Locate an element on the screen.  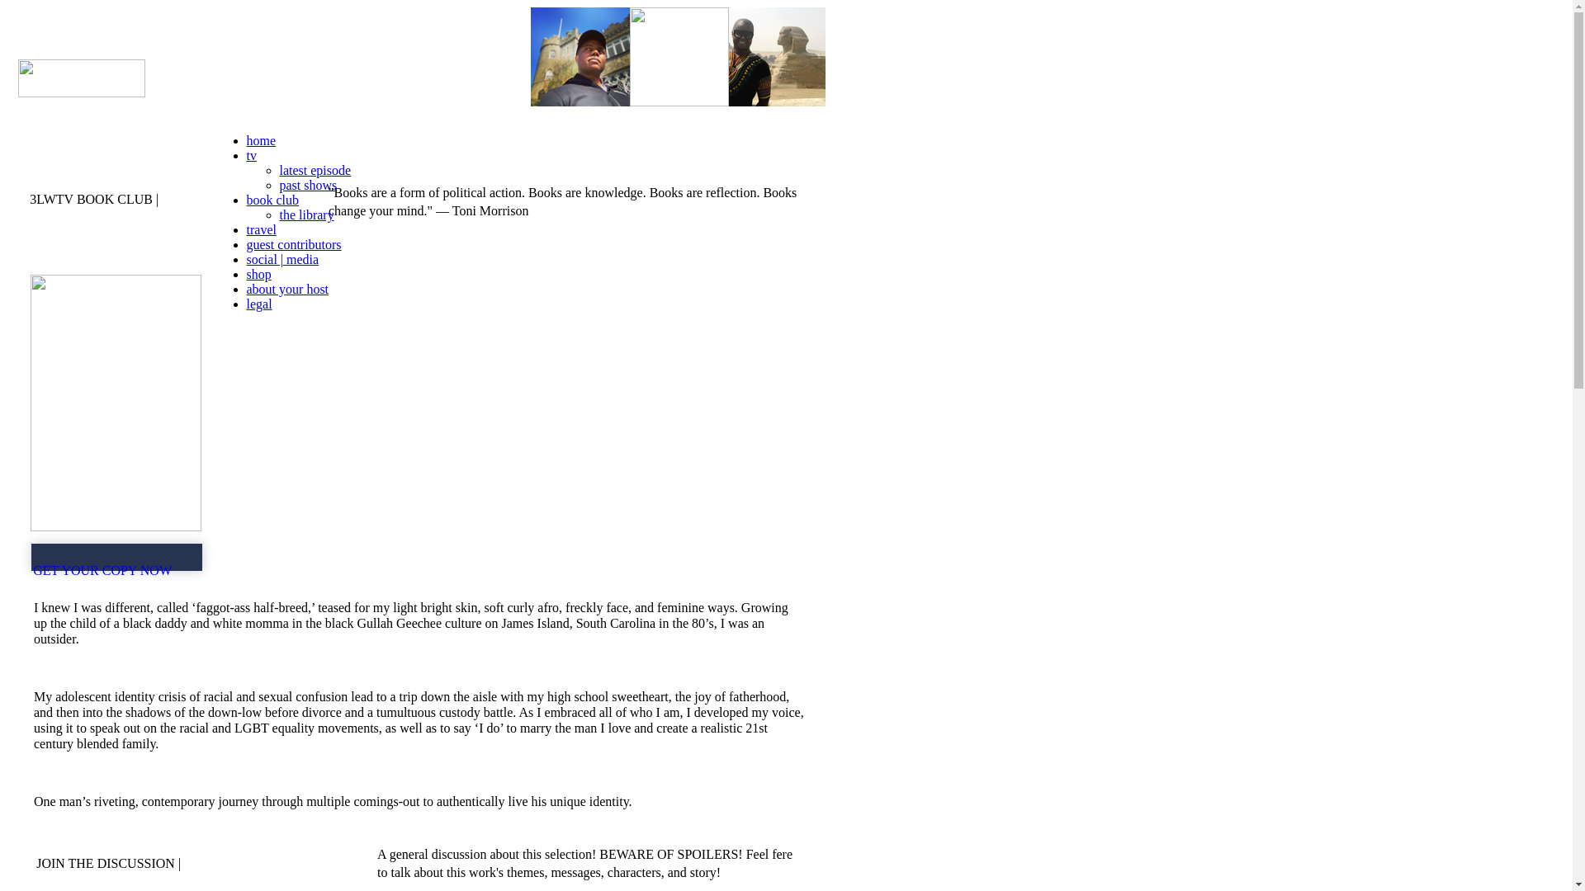
'book club' is located at coordinates (272, 199).